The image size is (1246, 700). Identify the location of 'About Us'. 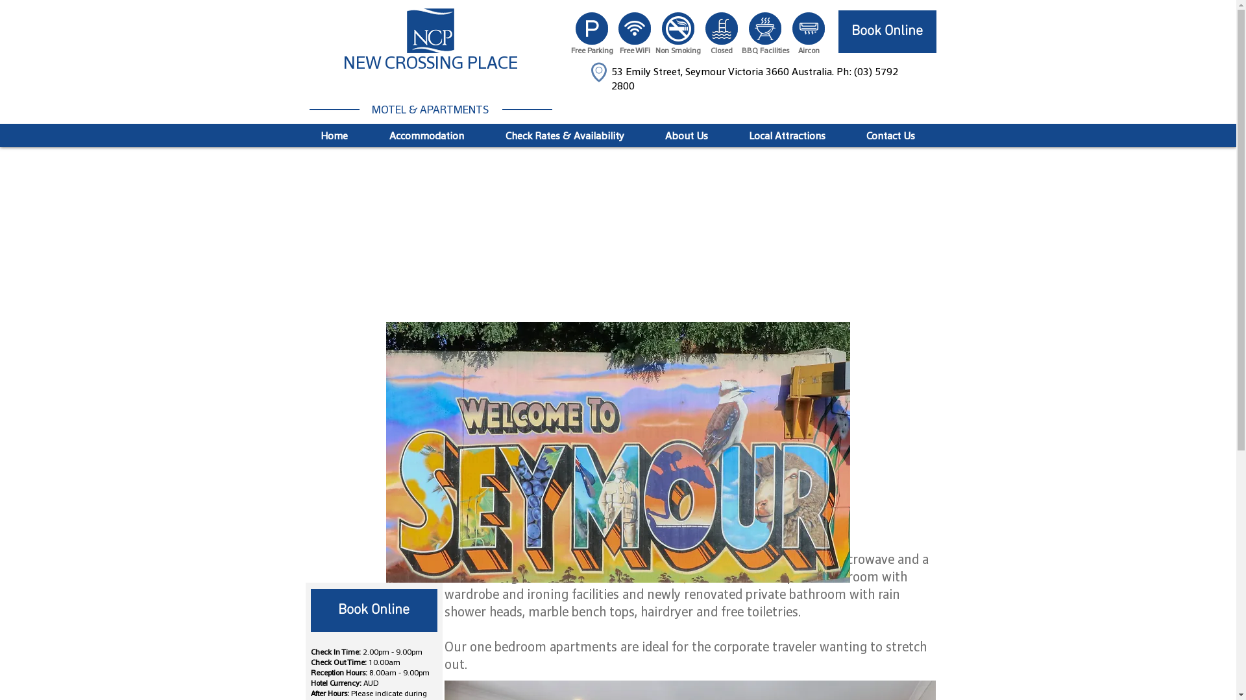
(686, 135).